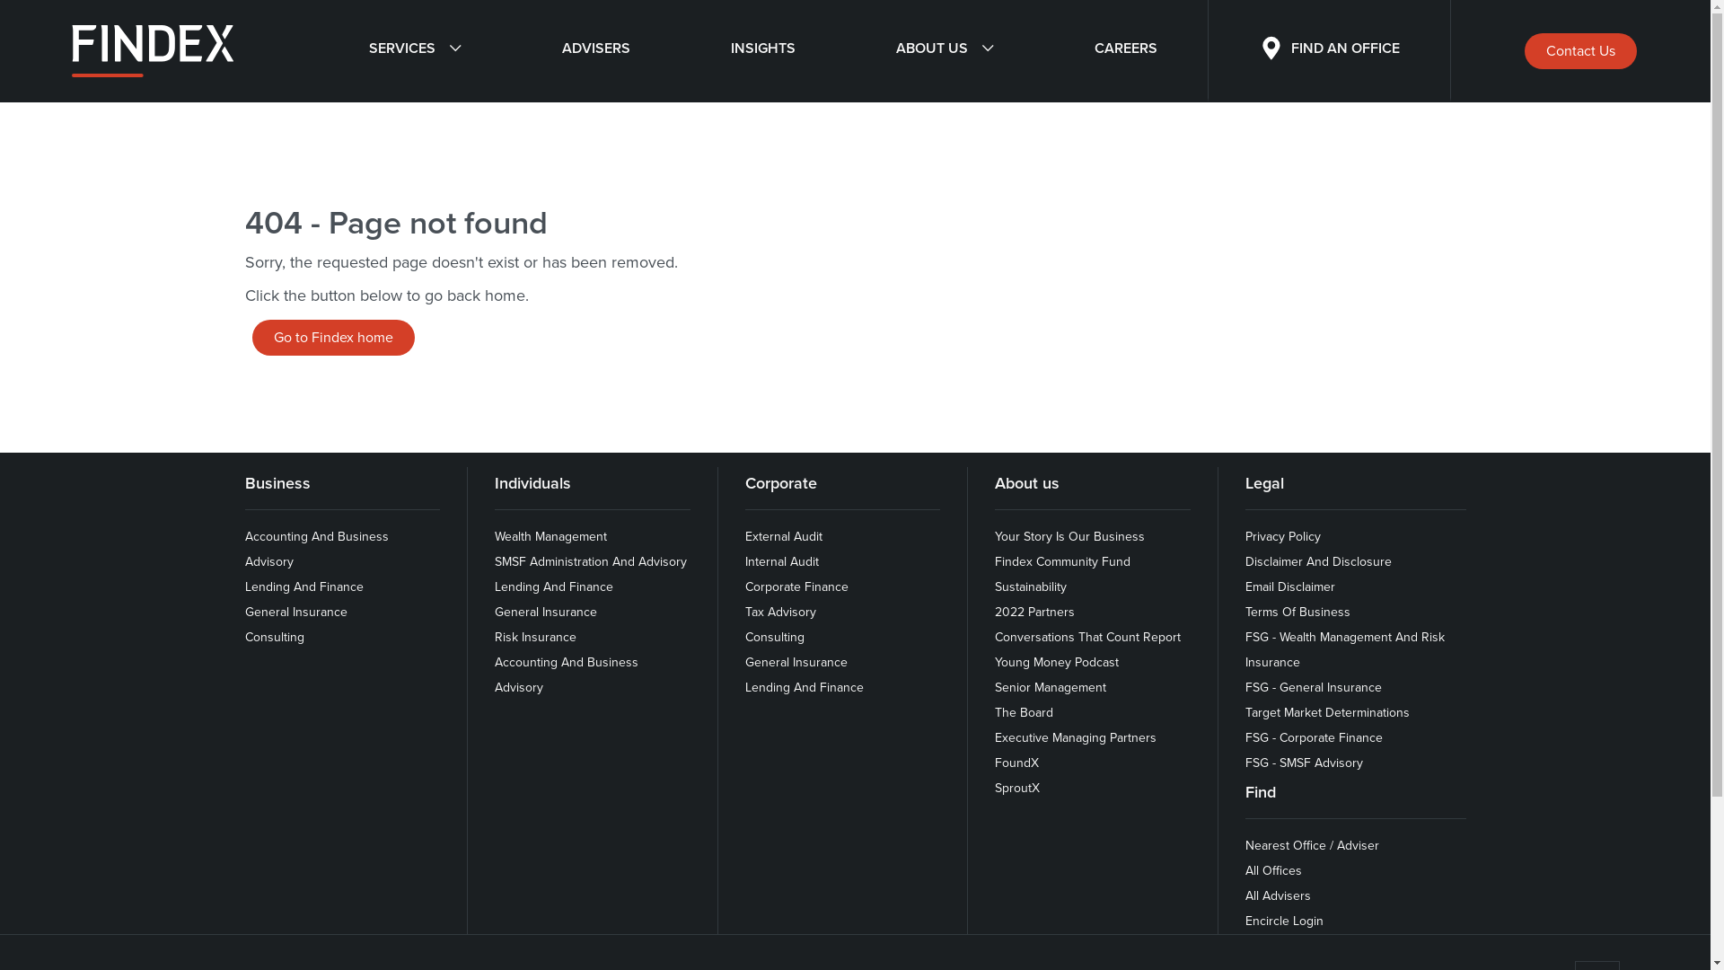 The image size is (1724, 970). Describe the element at coordinates (495, 560) in the screenshot. I see `'SMSF Administration And Advisory'` at that location.